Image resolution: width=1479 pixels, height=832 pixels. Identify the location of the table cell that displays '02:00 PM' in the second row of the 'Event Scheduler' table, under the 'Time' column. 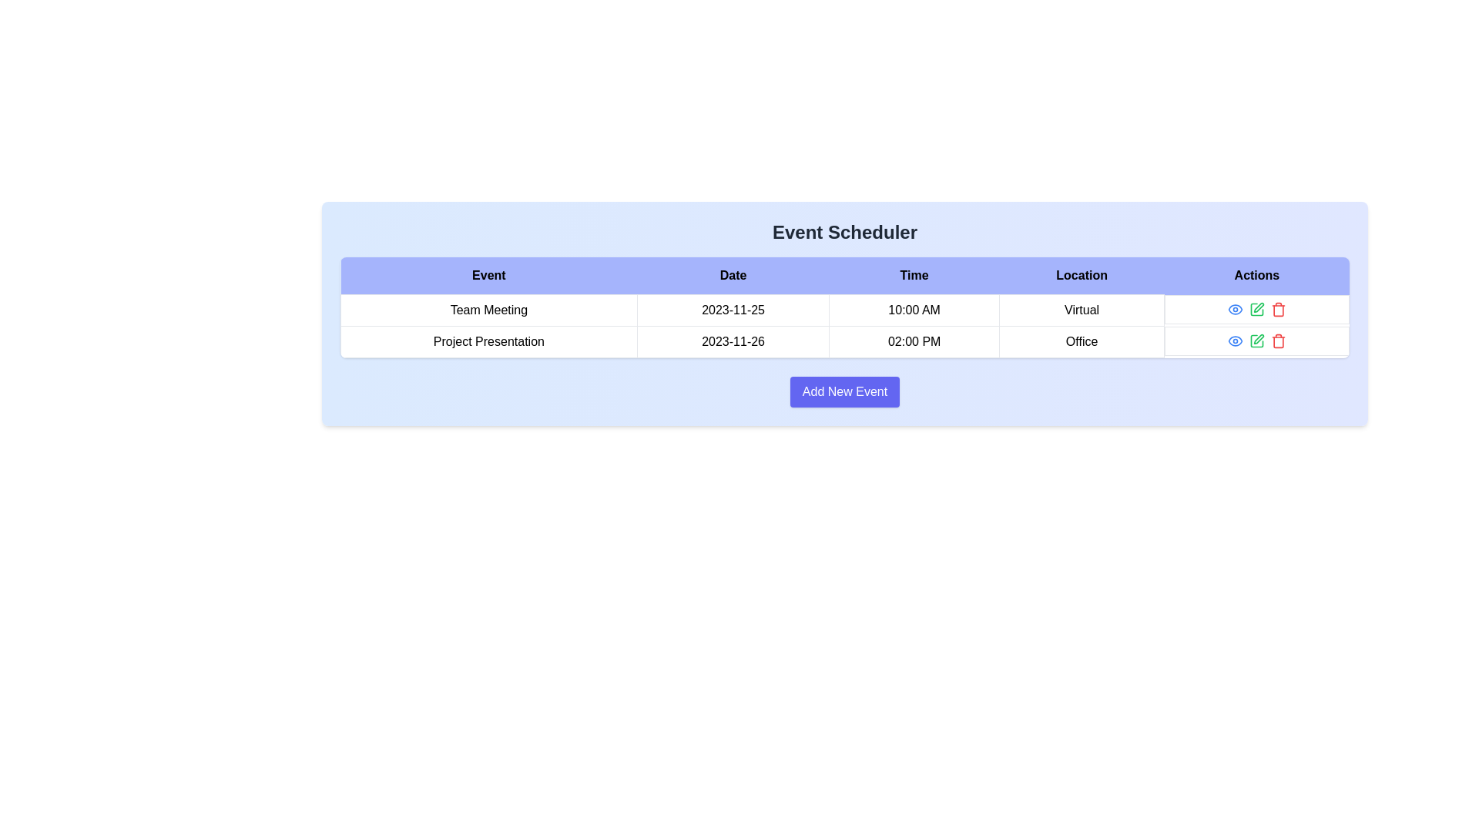
(914, 341).